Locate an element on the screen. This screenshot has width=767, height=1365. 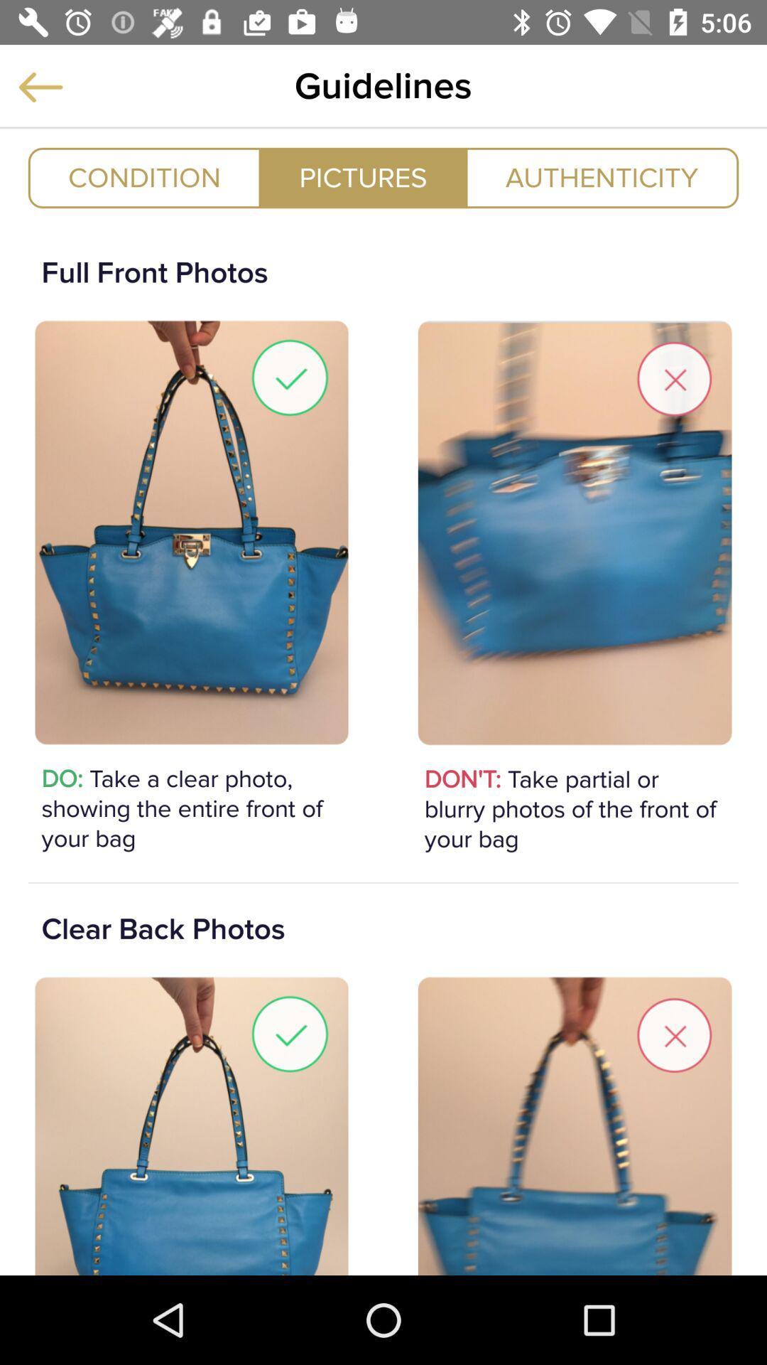
the condition icon is located at coordinates (144, 177).